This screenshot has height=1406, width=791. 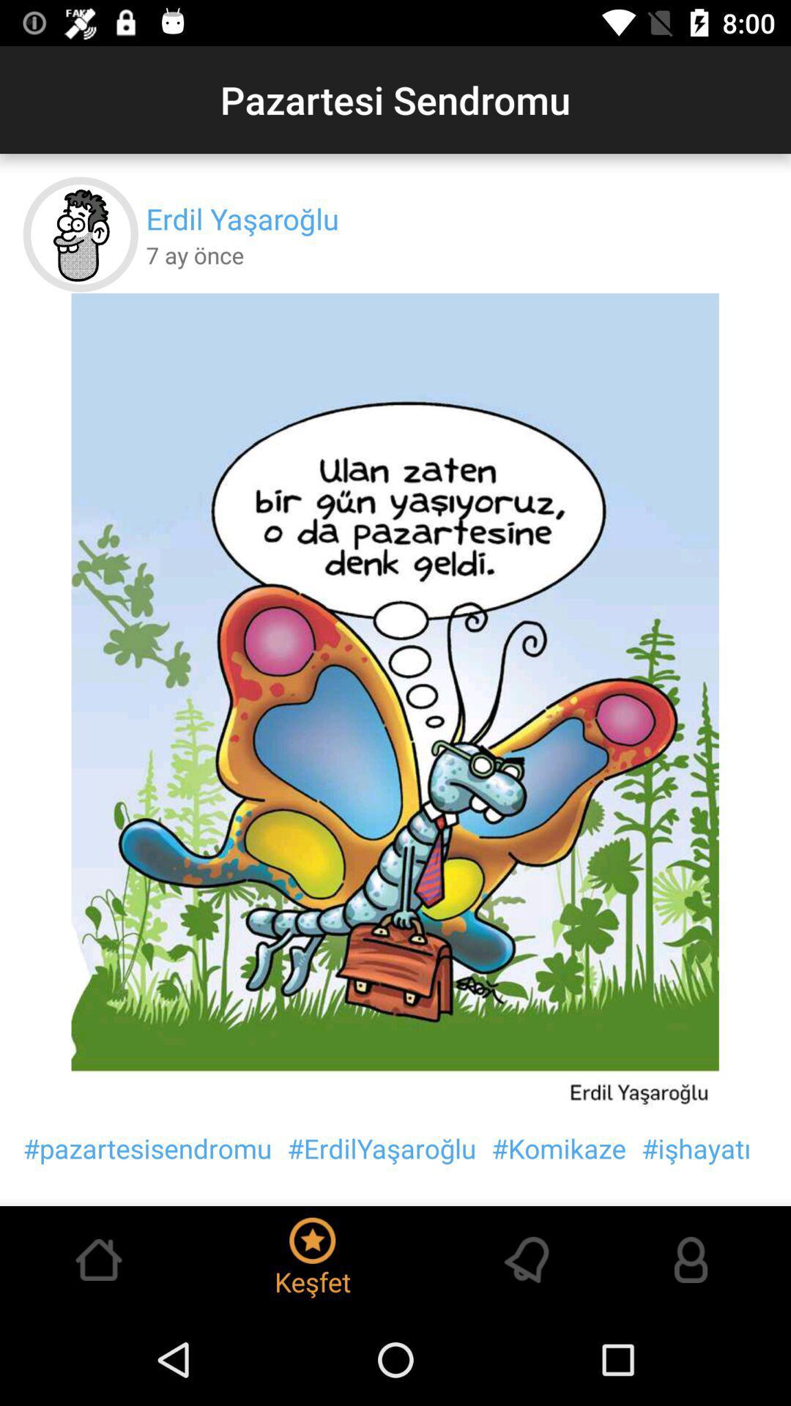 I want to click on the item below pazartesi sendromu, so click(x=242, y=217).